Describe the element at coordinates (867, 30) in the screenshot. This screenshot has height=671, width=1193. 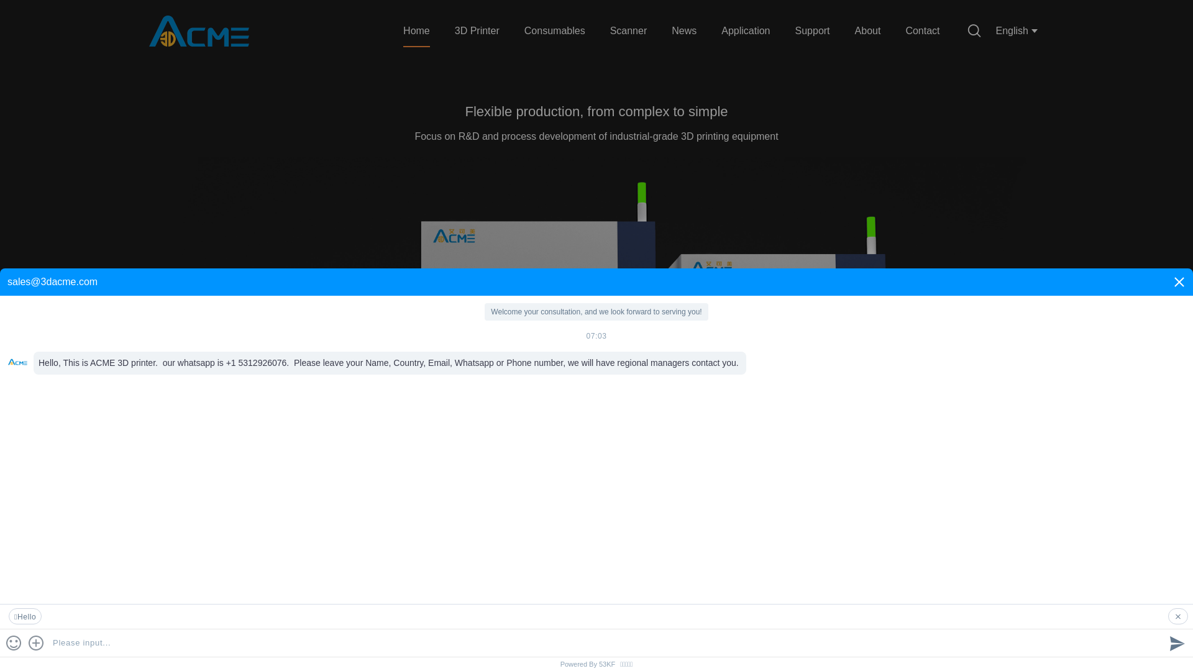
I see `'About'` at that location.